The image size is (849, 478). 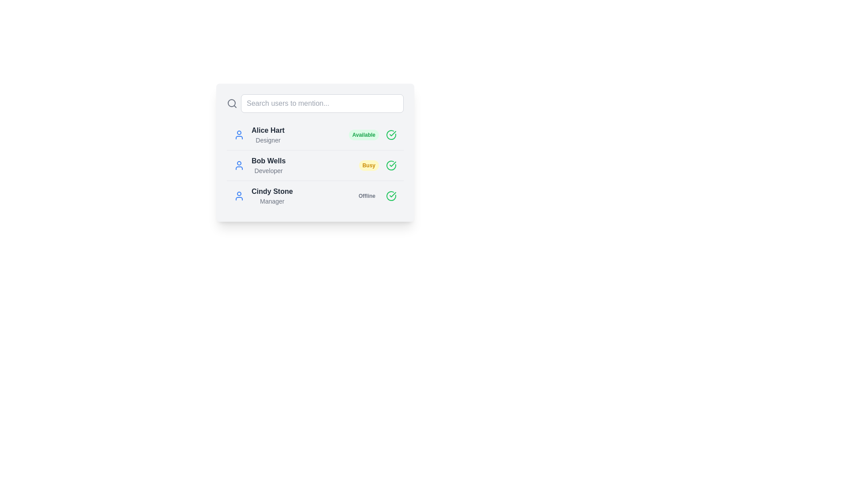 What do you see at coordinates (369, 166) in the screenshot?
I see `the 'Busy' badge or label indicating the current status of the user 'Bob Wells', located to the right of the text 'Developer' and between the textual information and a green checkmark icon` at bounding box center [369, 166].